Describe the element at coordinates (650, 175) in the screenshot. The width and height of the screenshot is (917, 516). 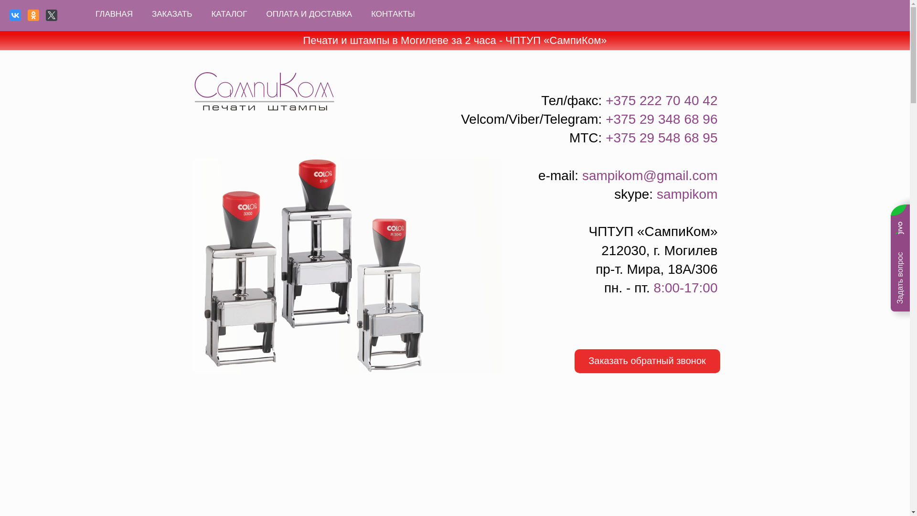
I see `'sampikom@gmail.com'` at that location.